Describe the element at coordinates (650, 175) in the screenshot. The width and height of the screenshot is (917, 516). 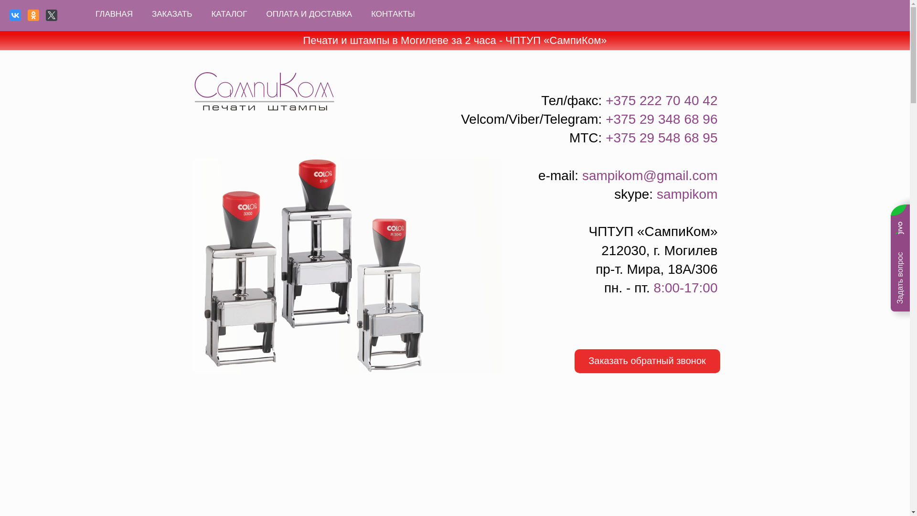
I see `'sampikom@gmail.com'` at that location.